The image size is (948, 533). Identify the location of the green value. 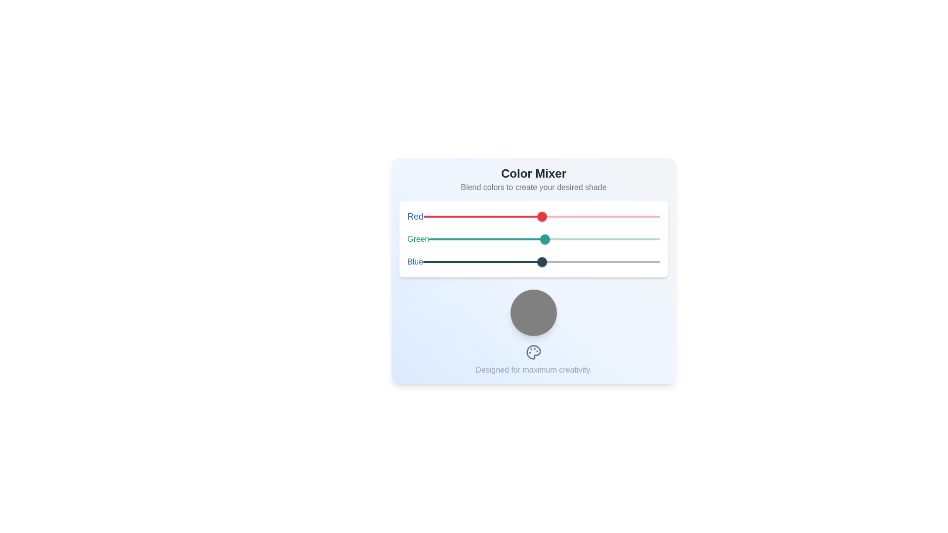
(535, 239).